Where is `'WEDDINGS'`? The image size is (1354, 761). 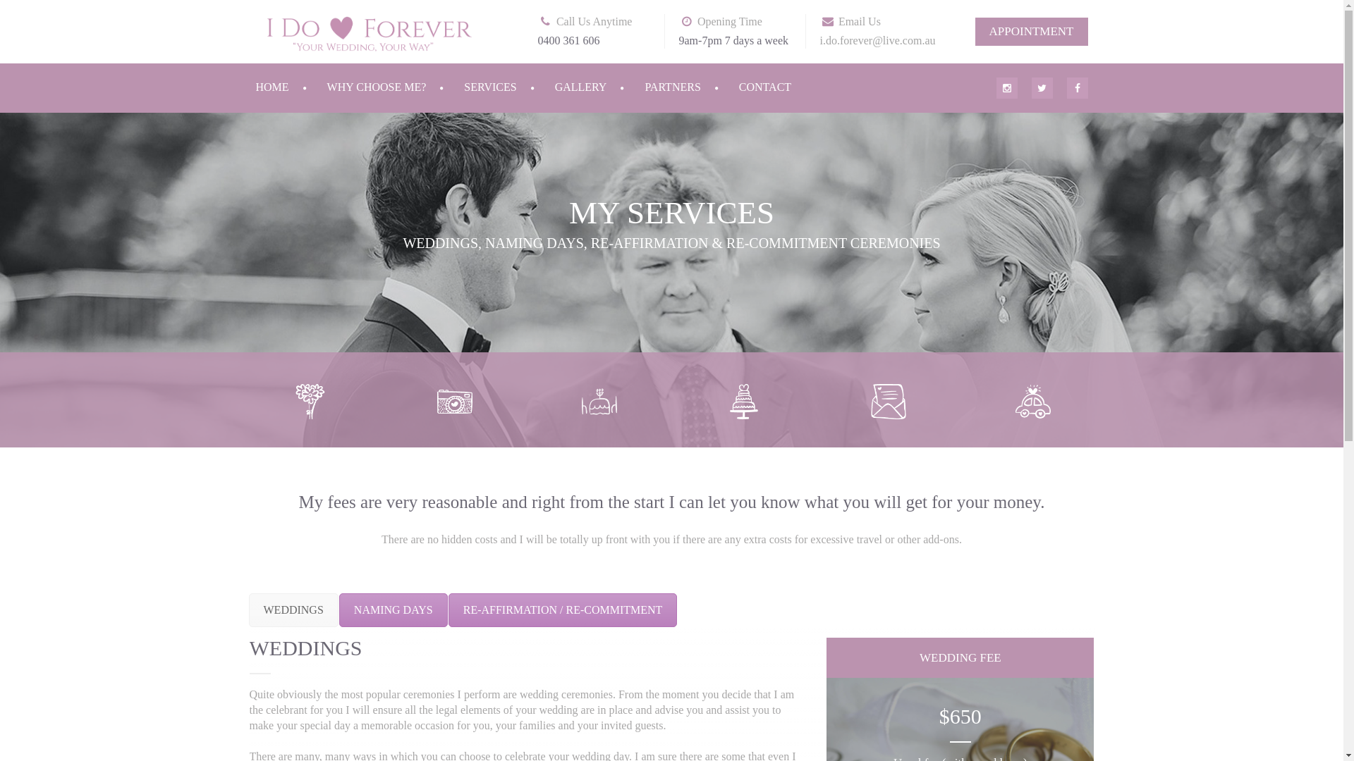
'WEDDINGS' is located at coordinates (292, 610).